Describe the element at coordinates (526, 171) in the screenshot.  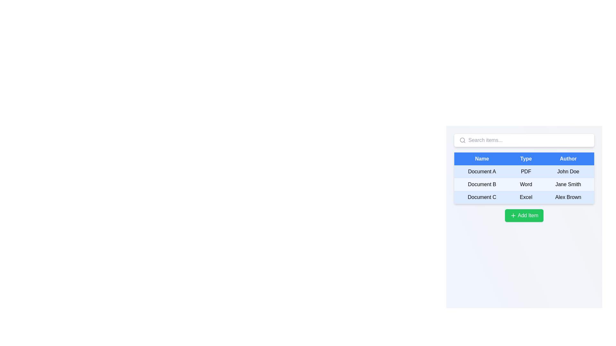
I see `the static text element displaying 'PDF' in a bold font on a light blue background, located in the second column of the first row in the table` at that location.